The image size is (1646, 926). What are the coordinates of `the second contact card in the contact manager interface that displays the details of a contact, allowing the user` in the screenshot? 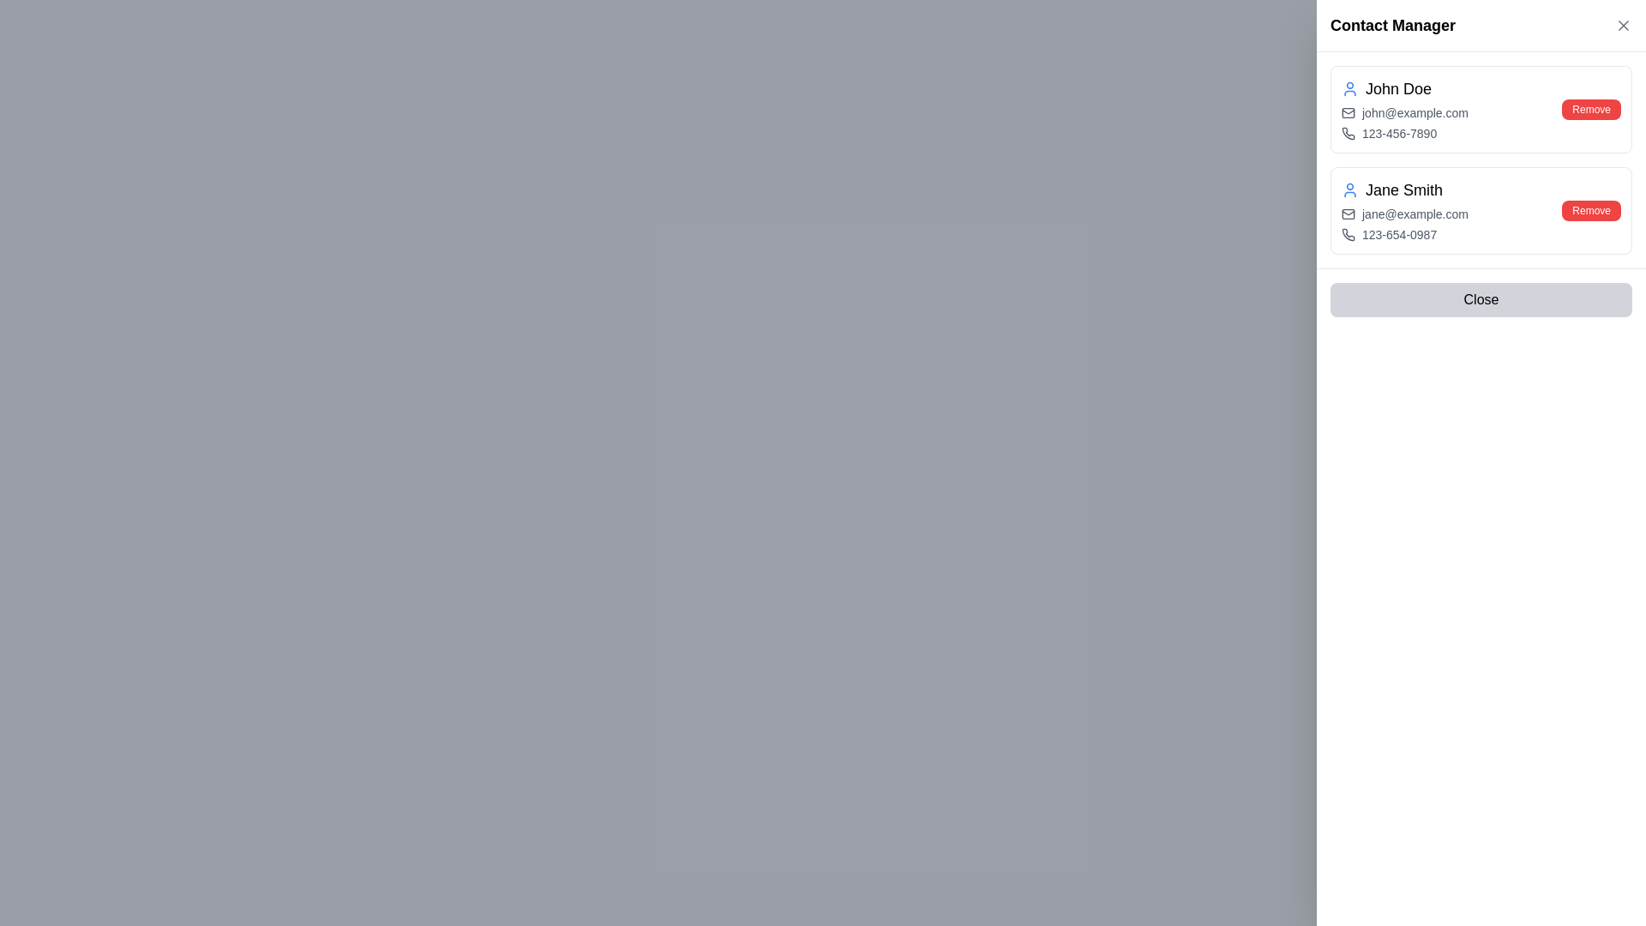 It's located at (1481, 210).